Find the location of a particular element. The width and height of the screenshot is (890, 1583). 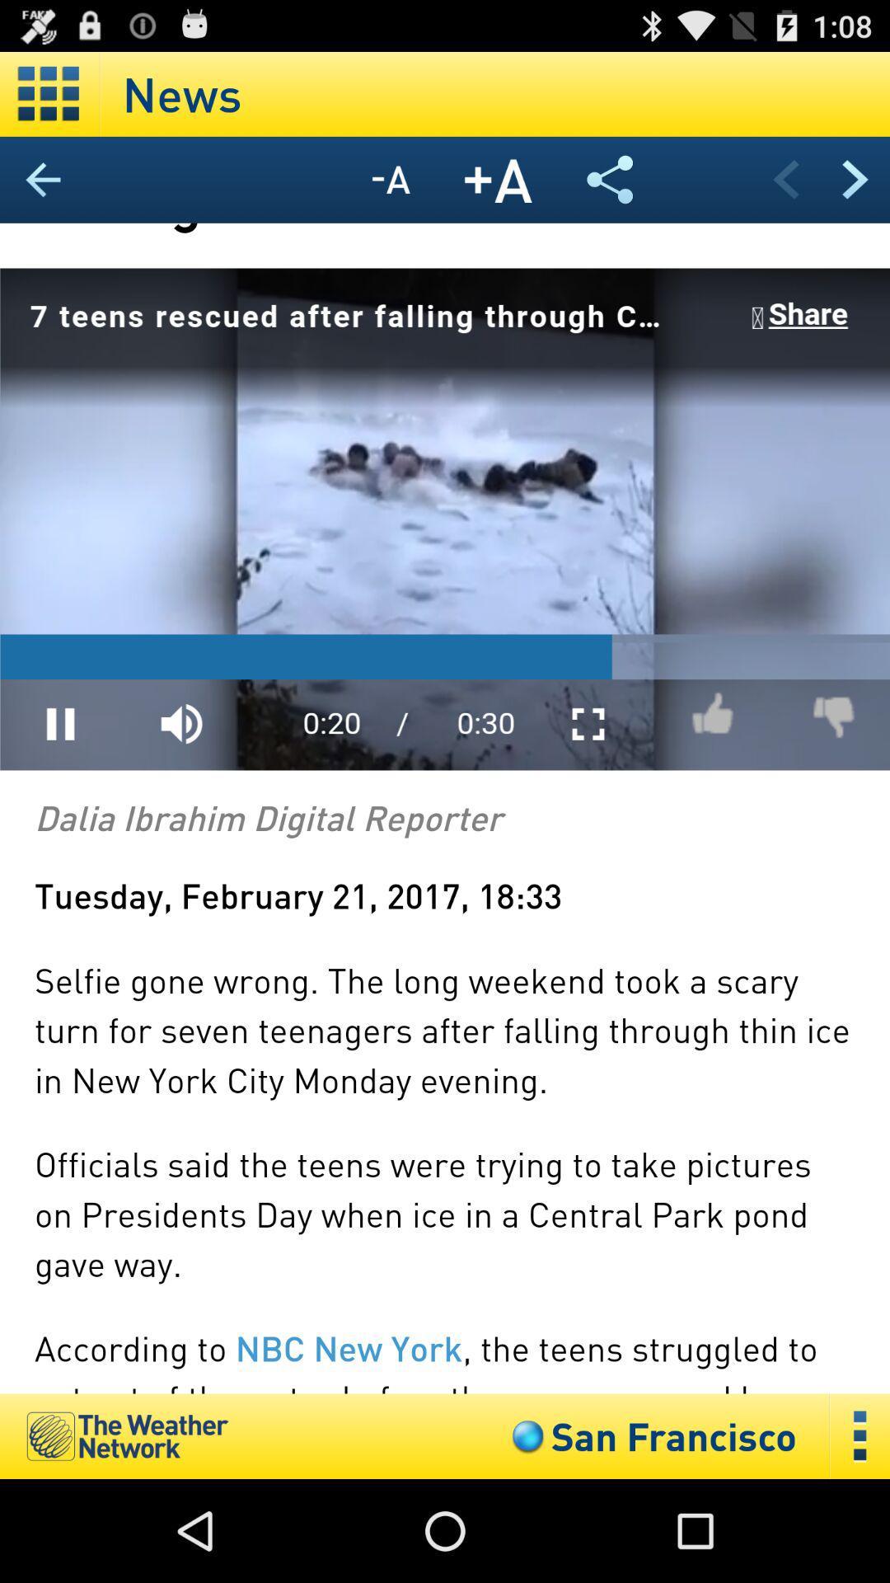

make text smaller is located at coordinates (391, 180).